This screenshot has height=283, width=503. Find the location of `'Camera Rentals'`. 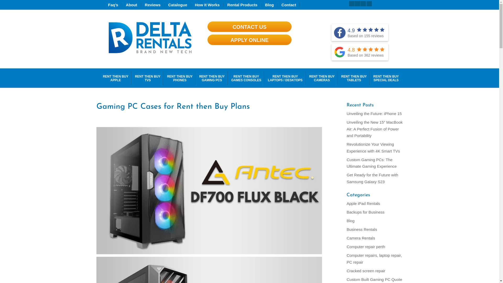

'Camera Rentals' is located at coordinates (347, 238).